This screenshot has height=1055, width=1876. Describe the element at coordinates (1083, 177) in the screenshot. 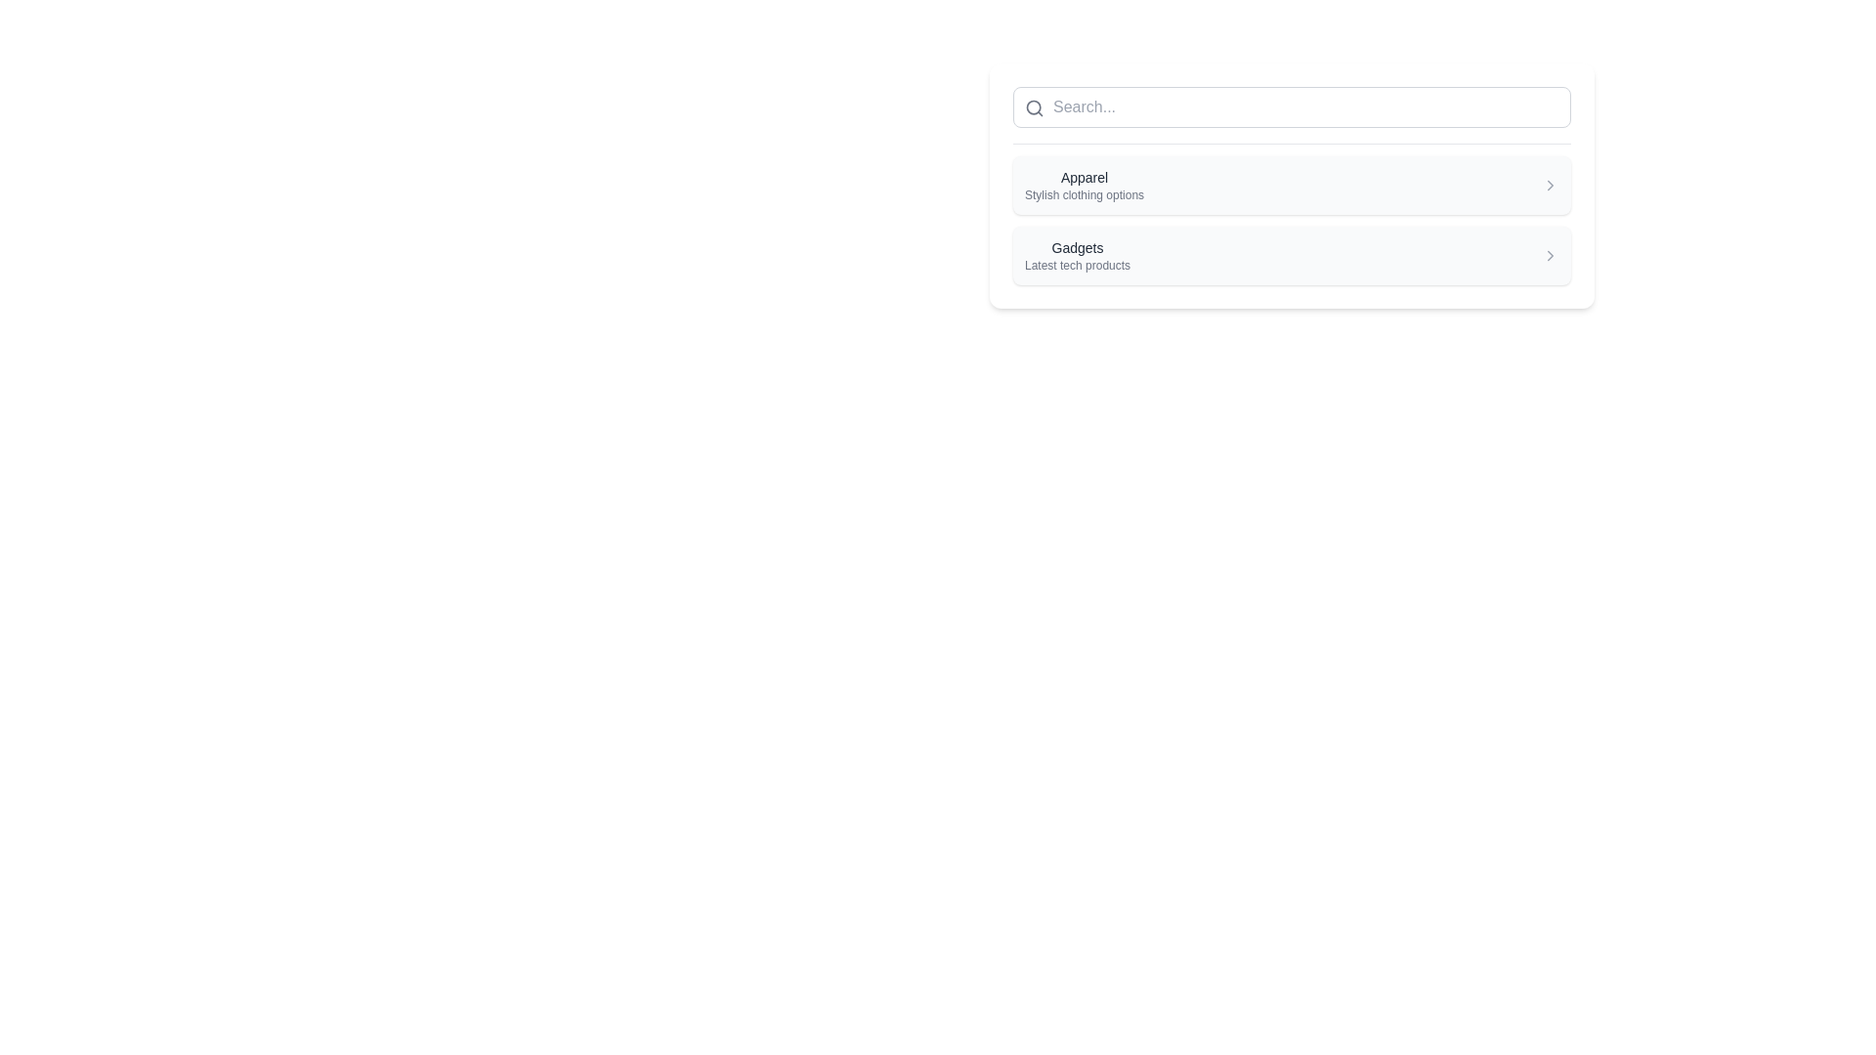

I see `the static text label that serves as a header for the menu item labeled 'Apparel', which is positioned above its sibling text 'Stylish clothing options'` at that location.